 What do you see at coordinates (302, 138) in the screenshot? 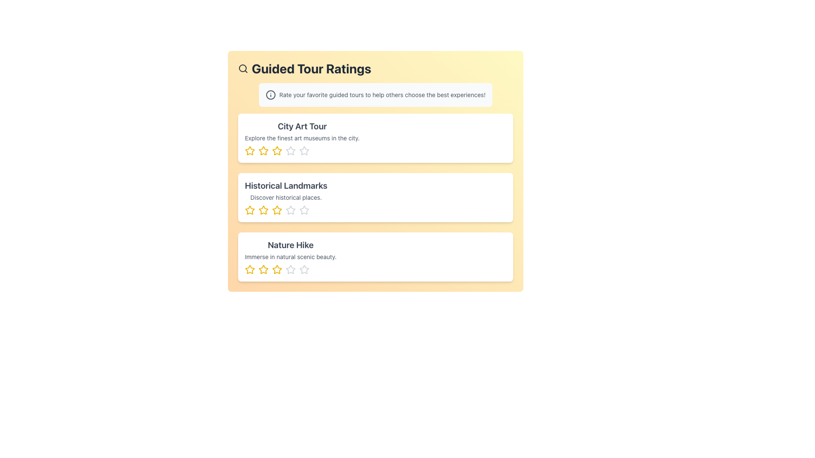
I see `title of the Composite element for the tourist attraction "City Art Tour" located under the "Guided Tour Ratings" section` at bounding box center [302, 138].